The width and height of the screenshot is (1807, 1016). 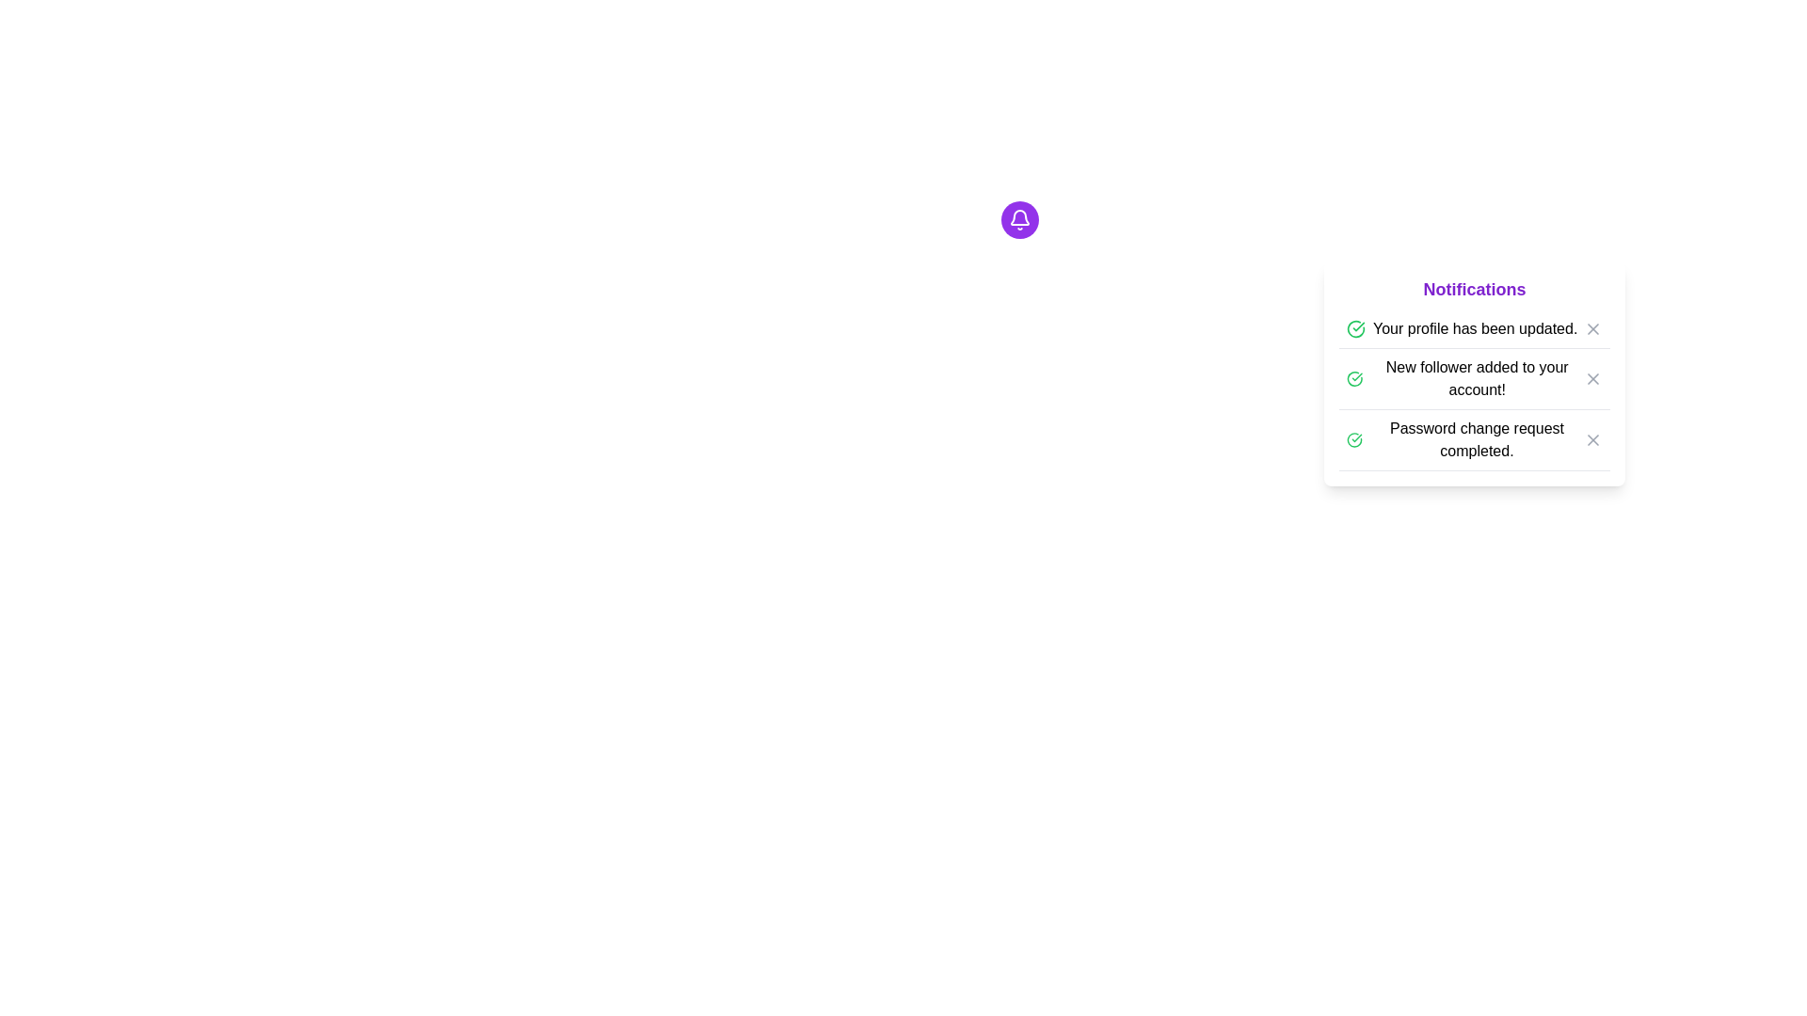 What do you see at coordinates (1473, 379) in the screenshot?
I see `the Notification card that displays the message 'New follower added to your account!' located in the notifications panel` at bounding box center [1473, 379].